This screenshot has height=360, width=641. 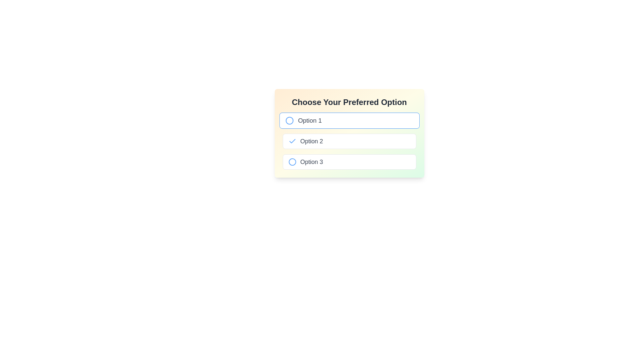 What do you see at coordinates (311, 162) in the screenshot?
I see `the associated radio button next to the 'Option 3' text label` at bounding box center [311, 162].